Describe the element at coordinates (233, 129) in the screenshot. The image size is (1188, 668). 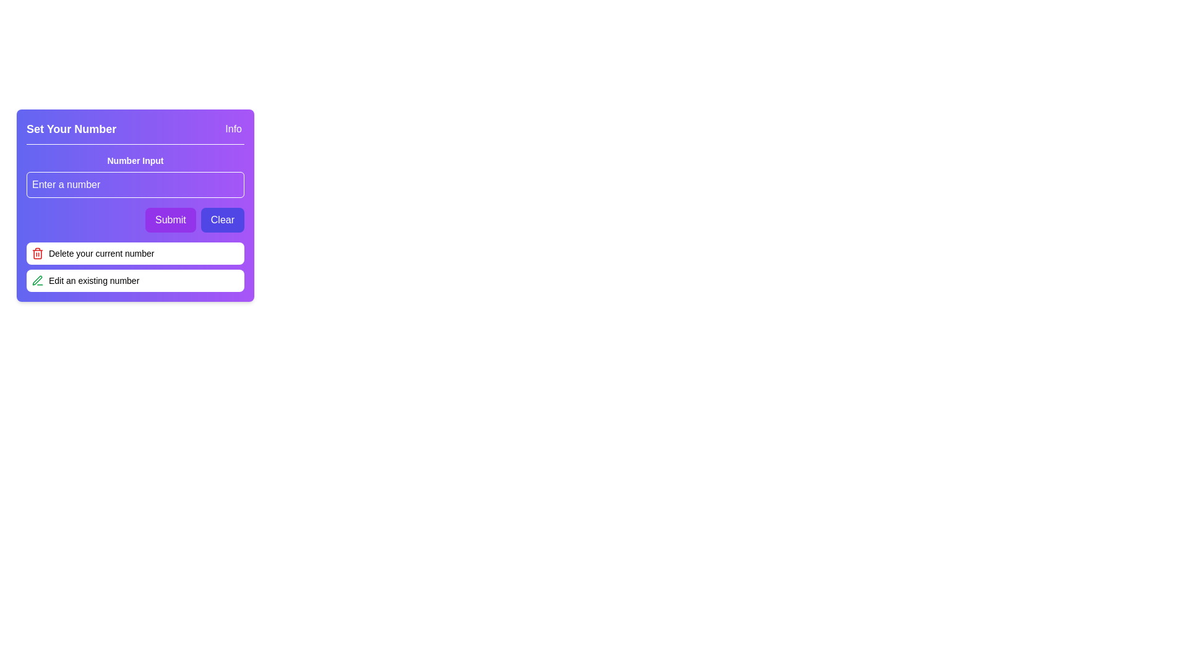
I see `the help button located at the upper-right corner of the 'Set Your Number' section` at that location.